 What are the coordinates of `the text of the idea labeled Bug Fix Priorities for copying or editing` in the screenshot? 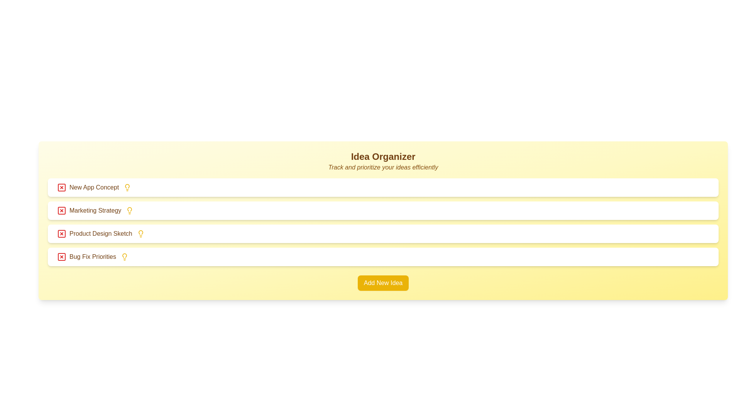 It's located at (86, 257).